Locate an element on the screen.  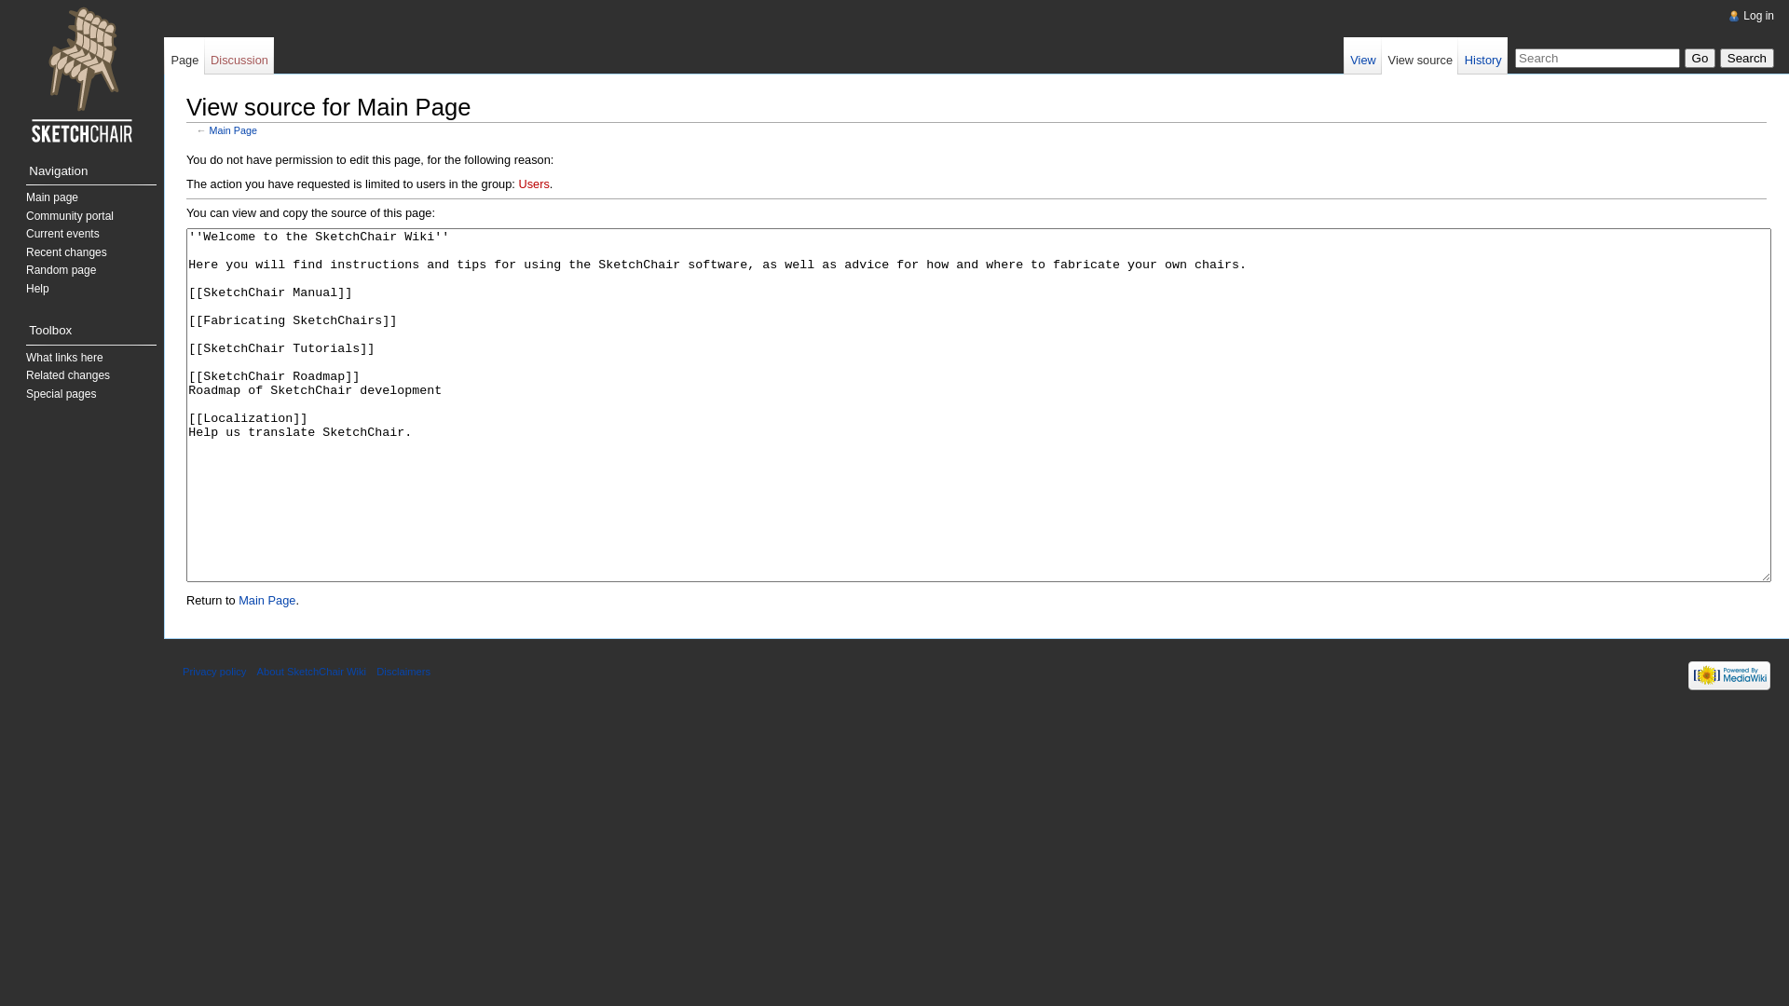
'What links here' is located at coordinates (64, 358).